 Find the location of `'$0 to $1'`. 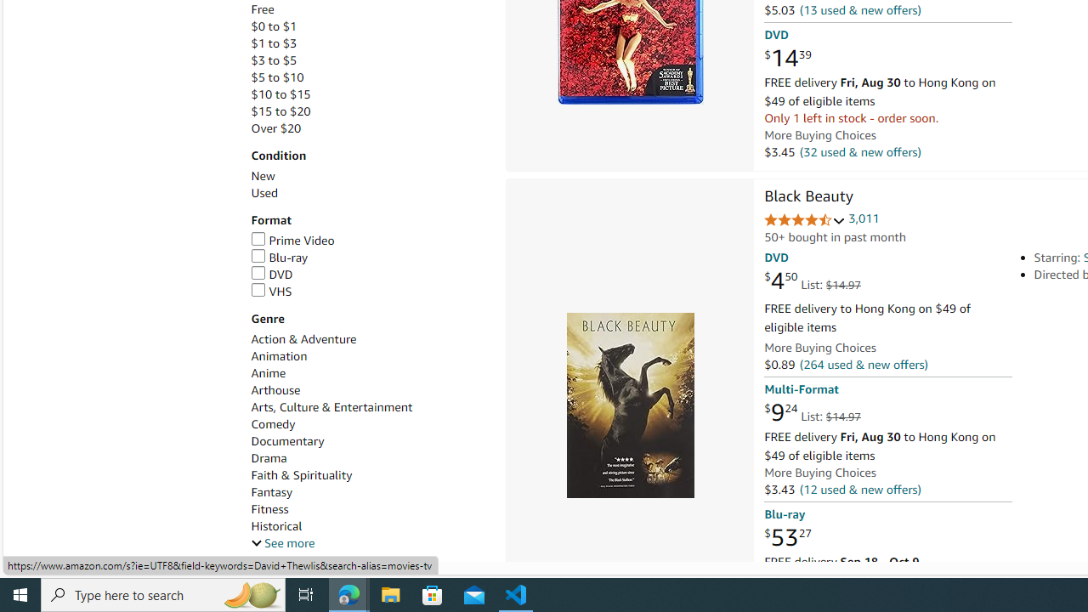

'$0 to $1' is located at coordinates (368, 26).